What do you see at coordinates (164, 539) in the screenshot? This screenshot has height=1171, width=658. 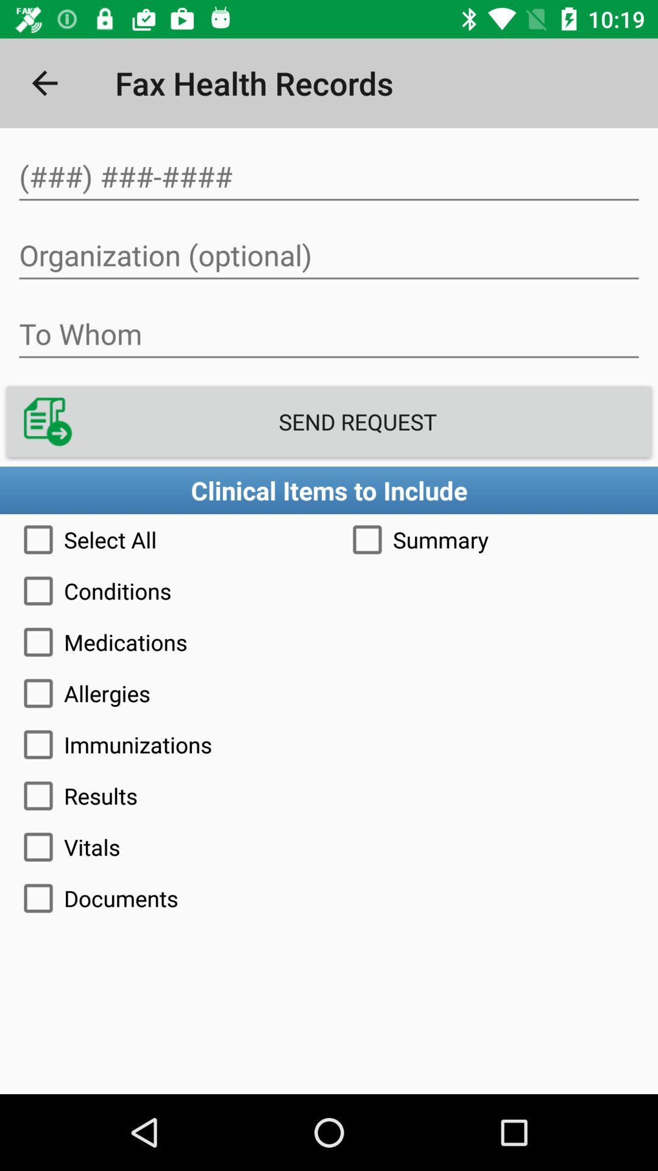 I see `icon next to the summary item` at bounding box center [164, 539].